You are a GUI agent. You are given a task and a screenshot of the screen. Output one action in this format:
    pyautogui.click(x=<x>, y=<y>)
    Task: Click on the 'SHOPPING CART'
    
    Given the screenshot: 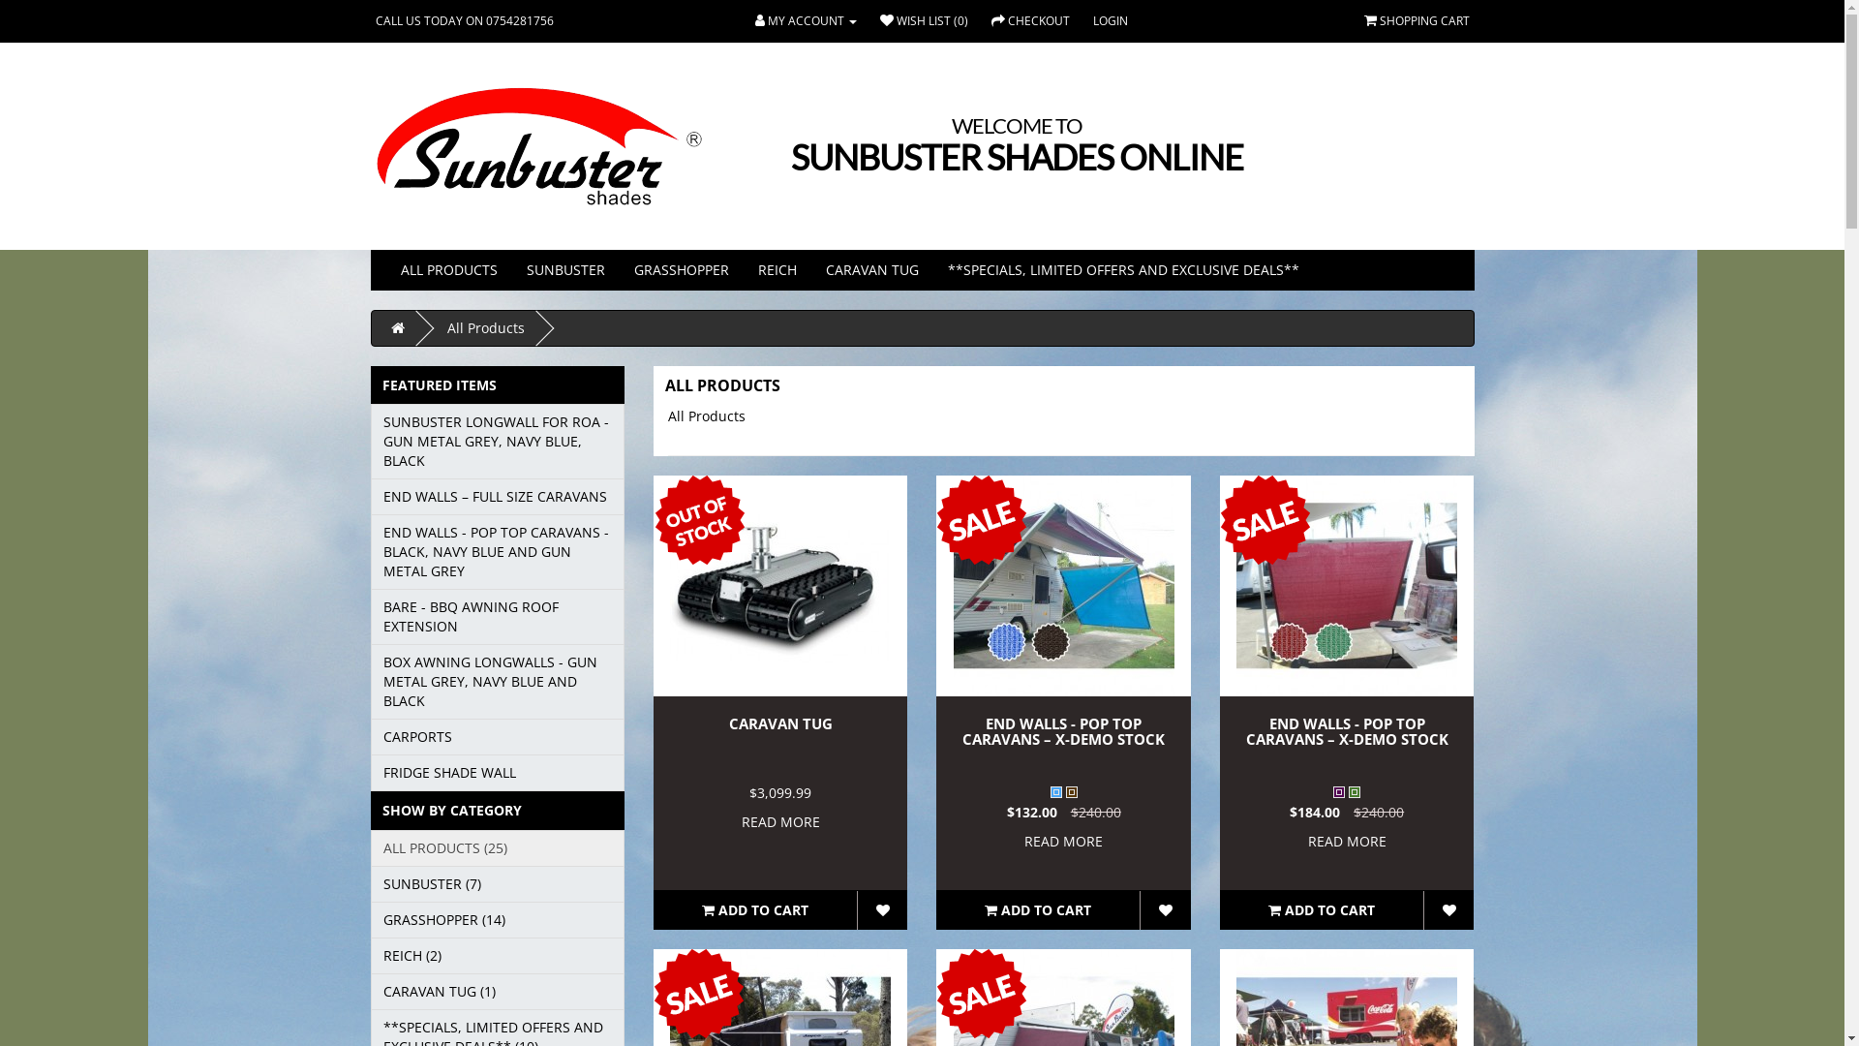 What is the action you would take?
    pyautogui.click(x=1361, y=20)
    